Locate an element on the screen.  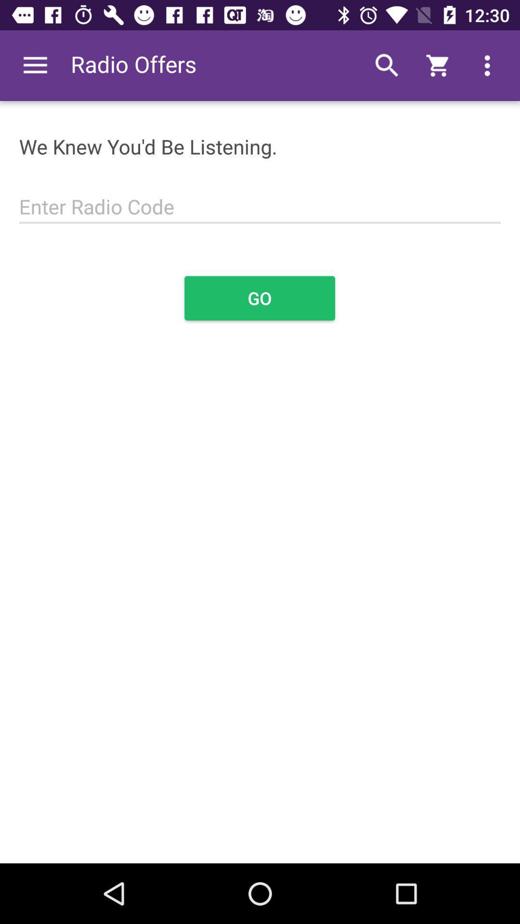
the item above the we knew you item is located at coordinates (35, 65).